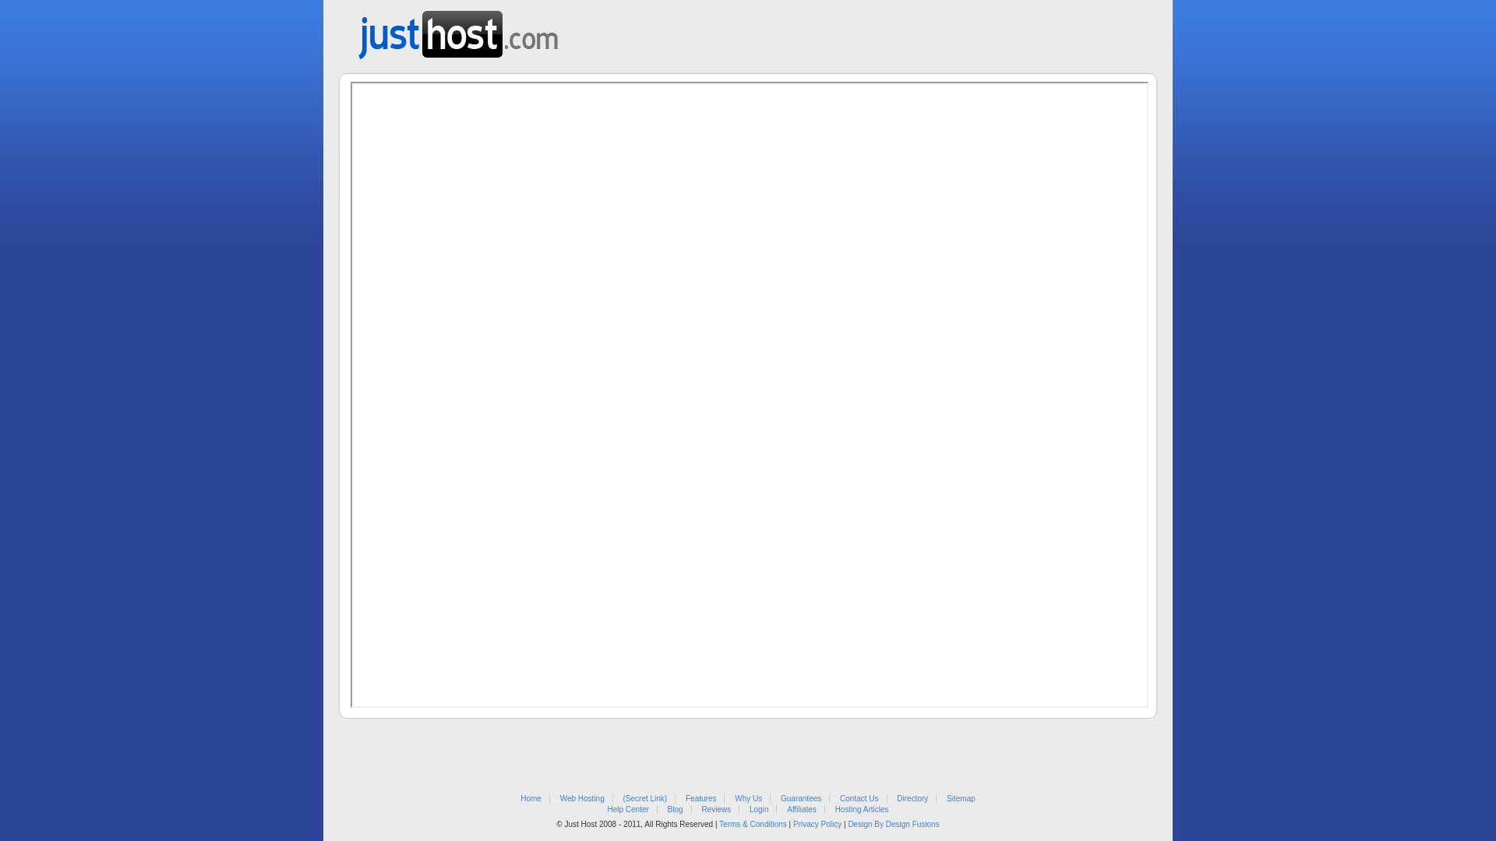 Image resolution: width=1496 pixels, height=841 pixels. I want to click on 'Why Us', so click(748, 798).